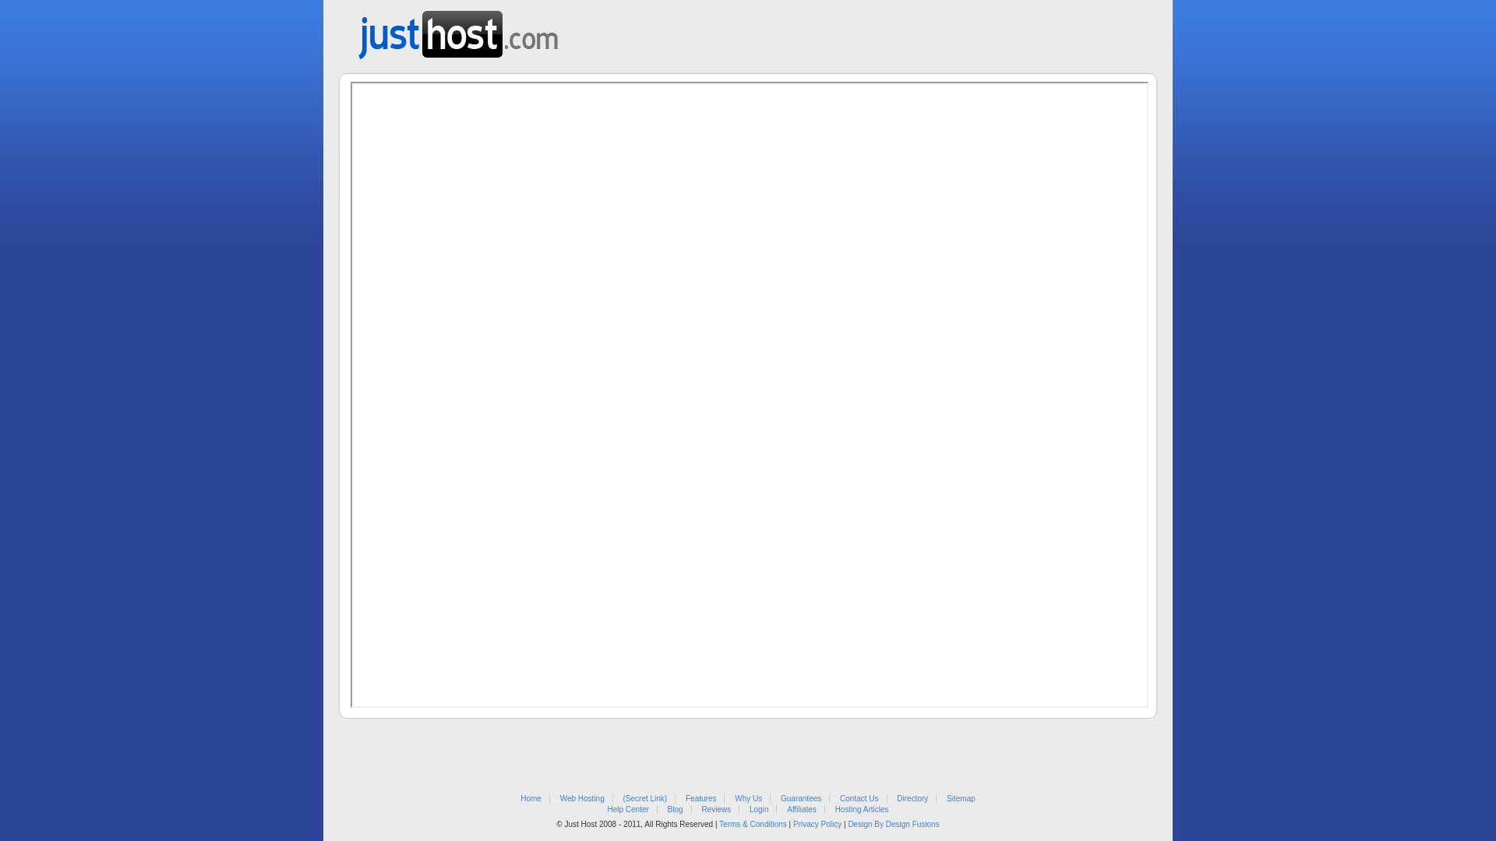 Image resolution: width=1496 pixels, height=841 pixels. I want to click on 'Why Us', so click(748, 798).